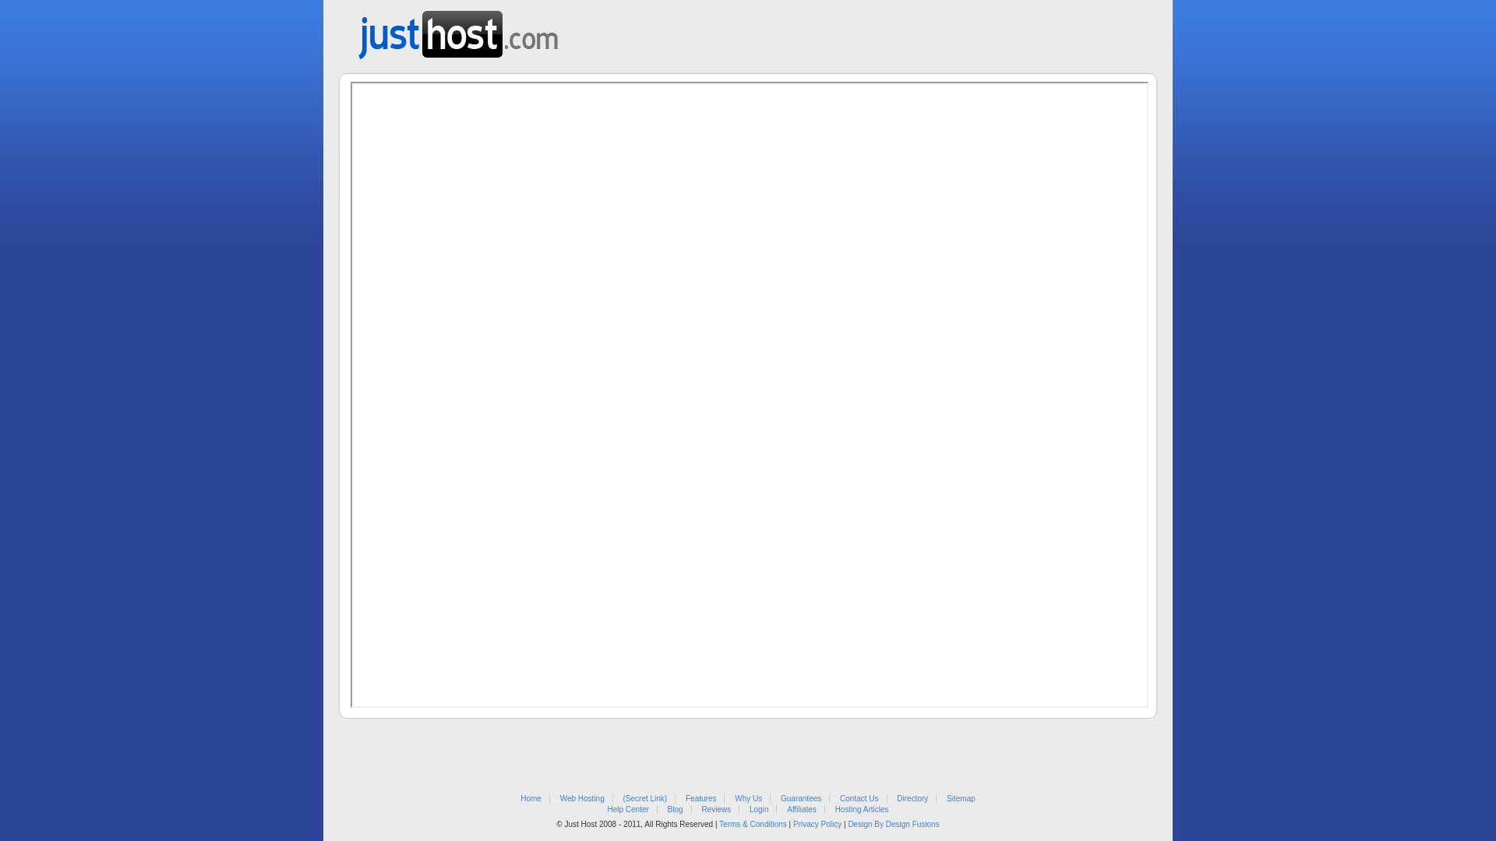 Image resolution: width=1496 pixels, height=841 pixels. I want to click on 'Why Us', so click(748, 798).